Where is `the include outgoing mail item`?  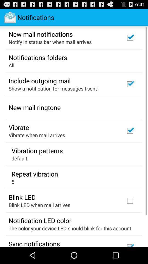
the include outgoing mail item is located at coordinates (39, 80).